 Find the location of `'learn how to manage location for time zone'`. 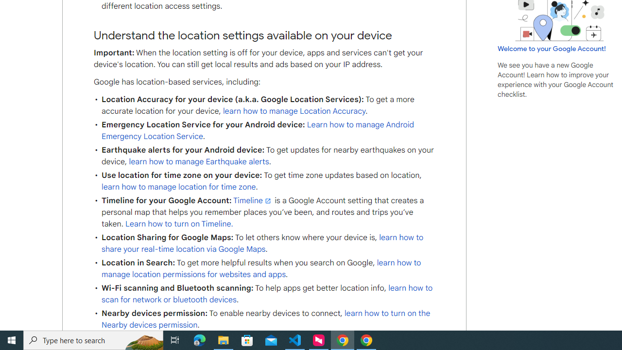

'learn how to manage location for time zone' is located at coordinates (179, 187).